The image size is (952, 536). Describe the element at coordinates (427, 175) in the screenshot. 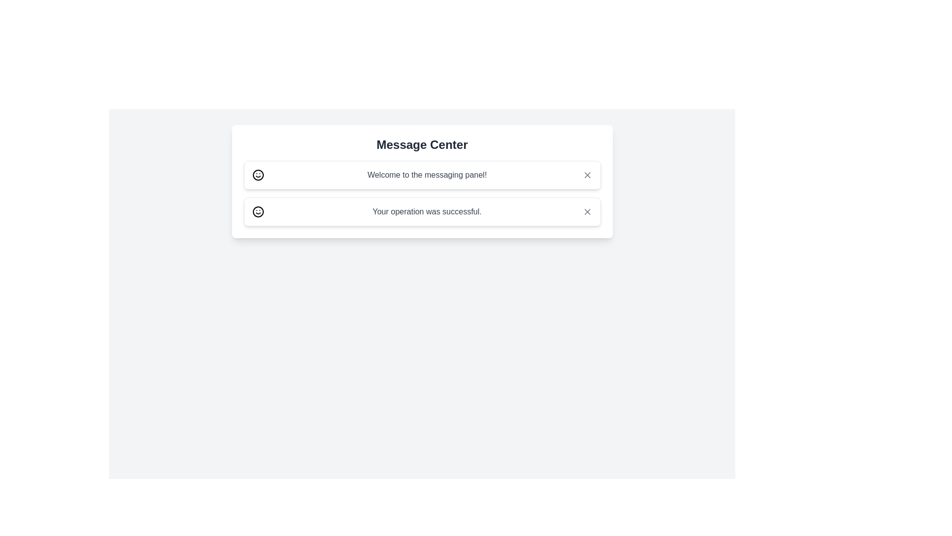

I see `the text label displaying 'Welcome to the messaging panel!' which is centrally aligned in the first notification panel of the 'Message Center'` at that location.